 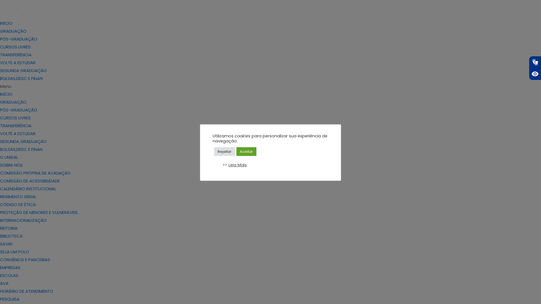 I want to click on 'AVA', so click(x=4, y=283).